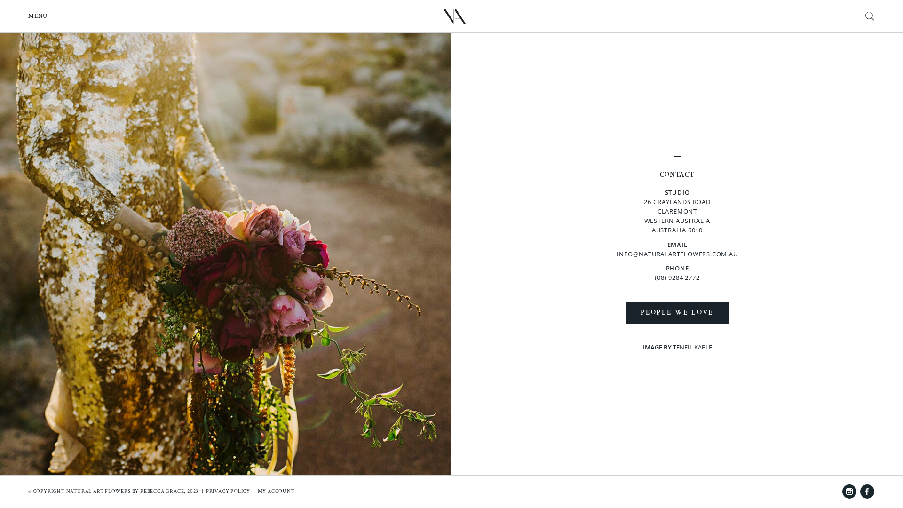  I want to click on 'PEOPLE WE LOVE', so click(677, 312).